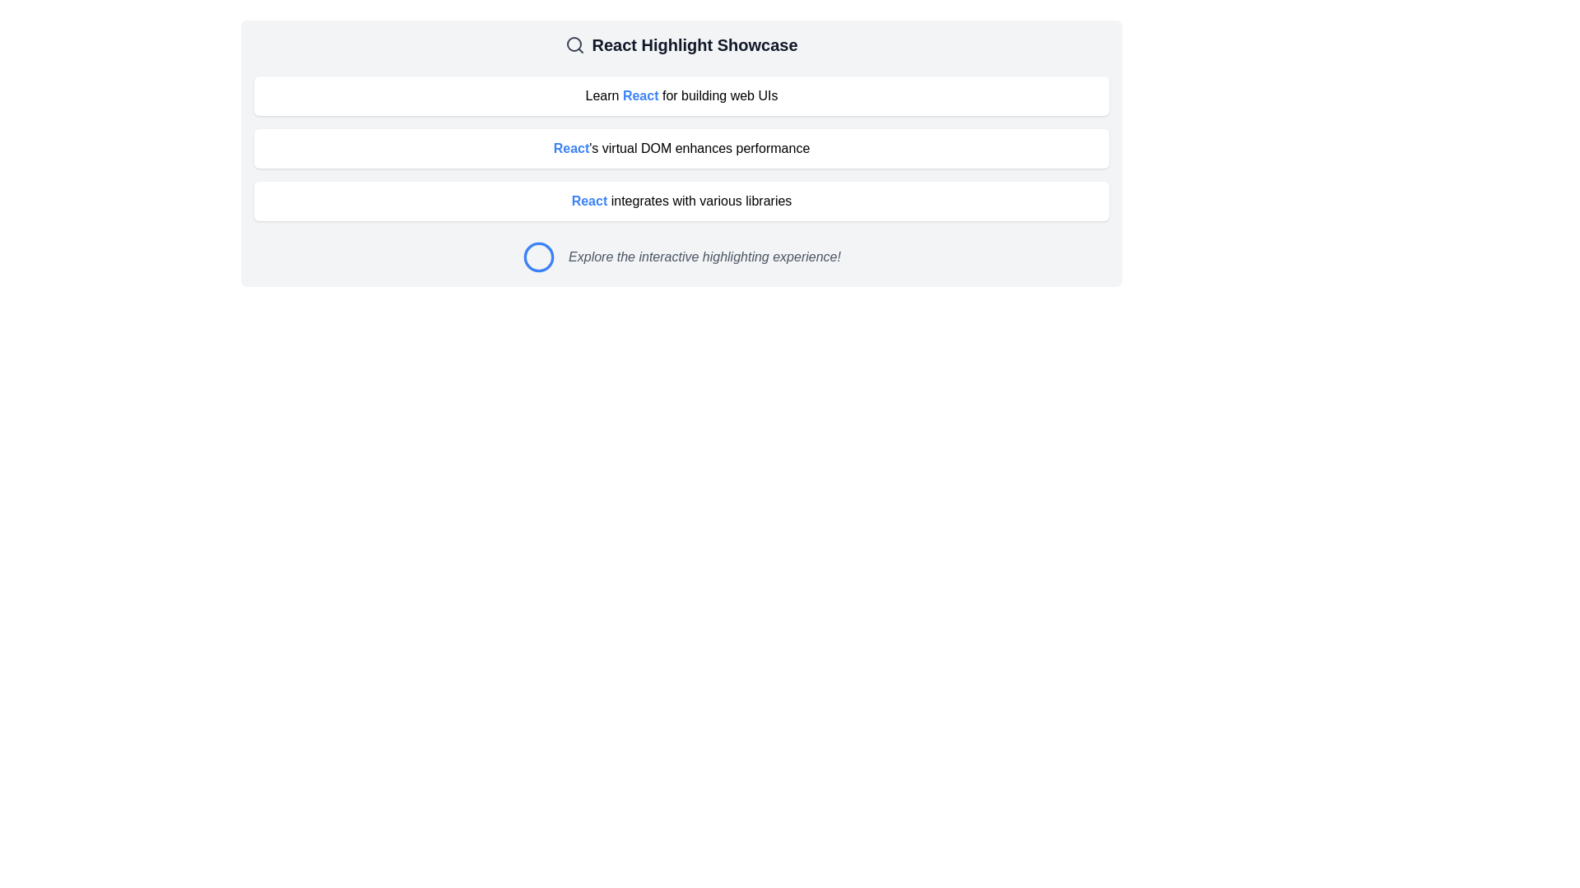 The image size is (1580, 888). What do you see at coordinates (704, 257) in the screenshot?
I see `the text label displaying 'Explore the interactive highlighting experience!' styled in gray italic font, located to the right of an animated spinning icon` at bounding box center [704, 257].